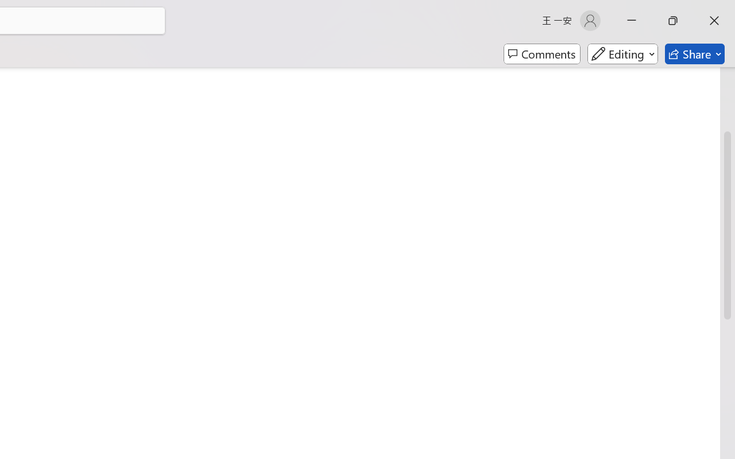 The width and height of the screenshot is (735, 459). What do you see at coordinates (541, 54) in the screenshot?
I see `'Comments'` at bounding box center [541, 54].